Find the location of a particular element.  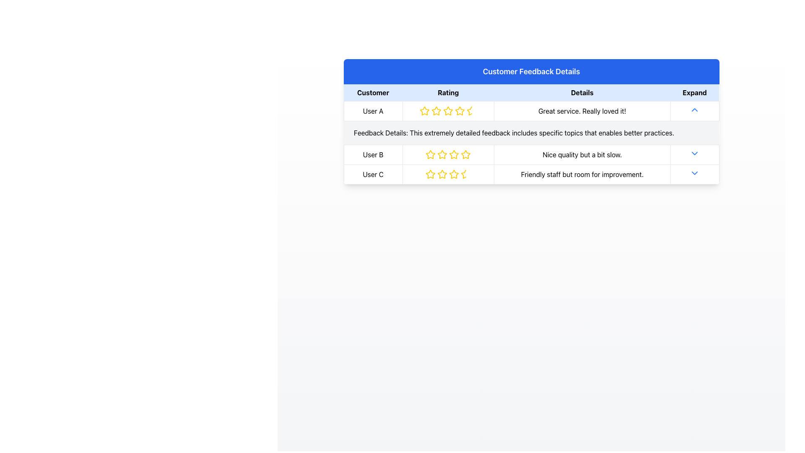

the second star icon in the 'Rating' column of the feedback table is located at coordinates (436, 110).